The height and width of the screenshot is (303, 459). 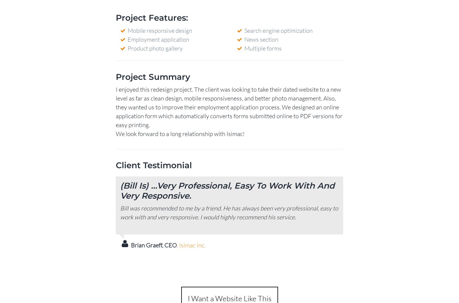 I want to click on 'Multiple forms', so click(x=263, y=48).